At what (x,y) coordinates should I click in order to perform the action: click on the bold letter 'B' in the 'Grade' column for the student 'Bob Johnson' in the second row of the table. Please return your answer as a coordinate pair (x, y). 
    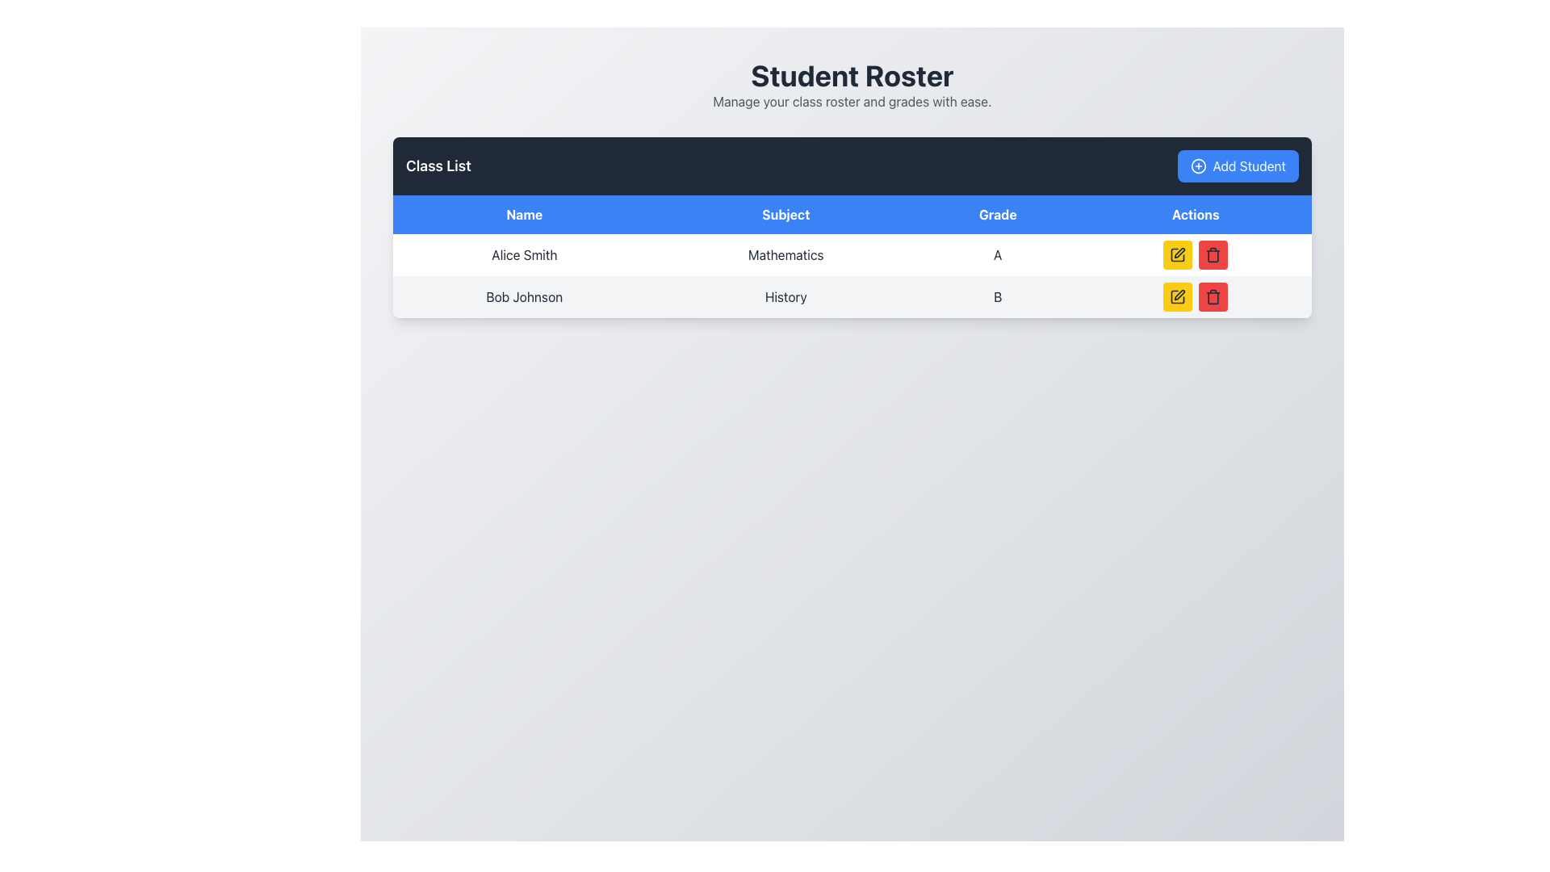
    Looking at the image, I should click on (997, 296).